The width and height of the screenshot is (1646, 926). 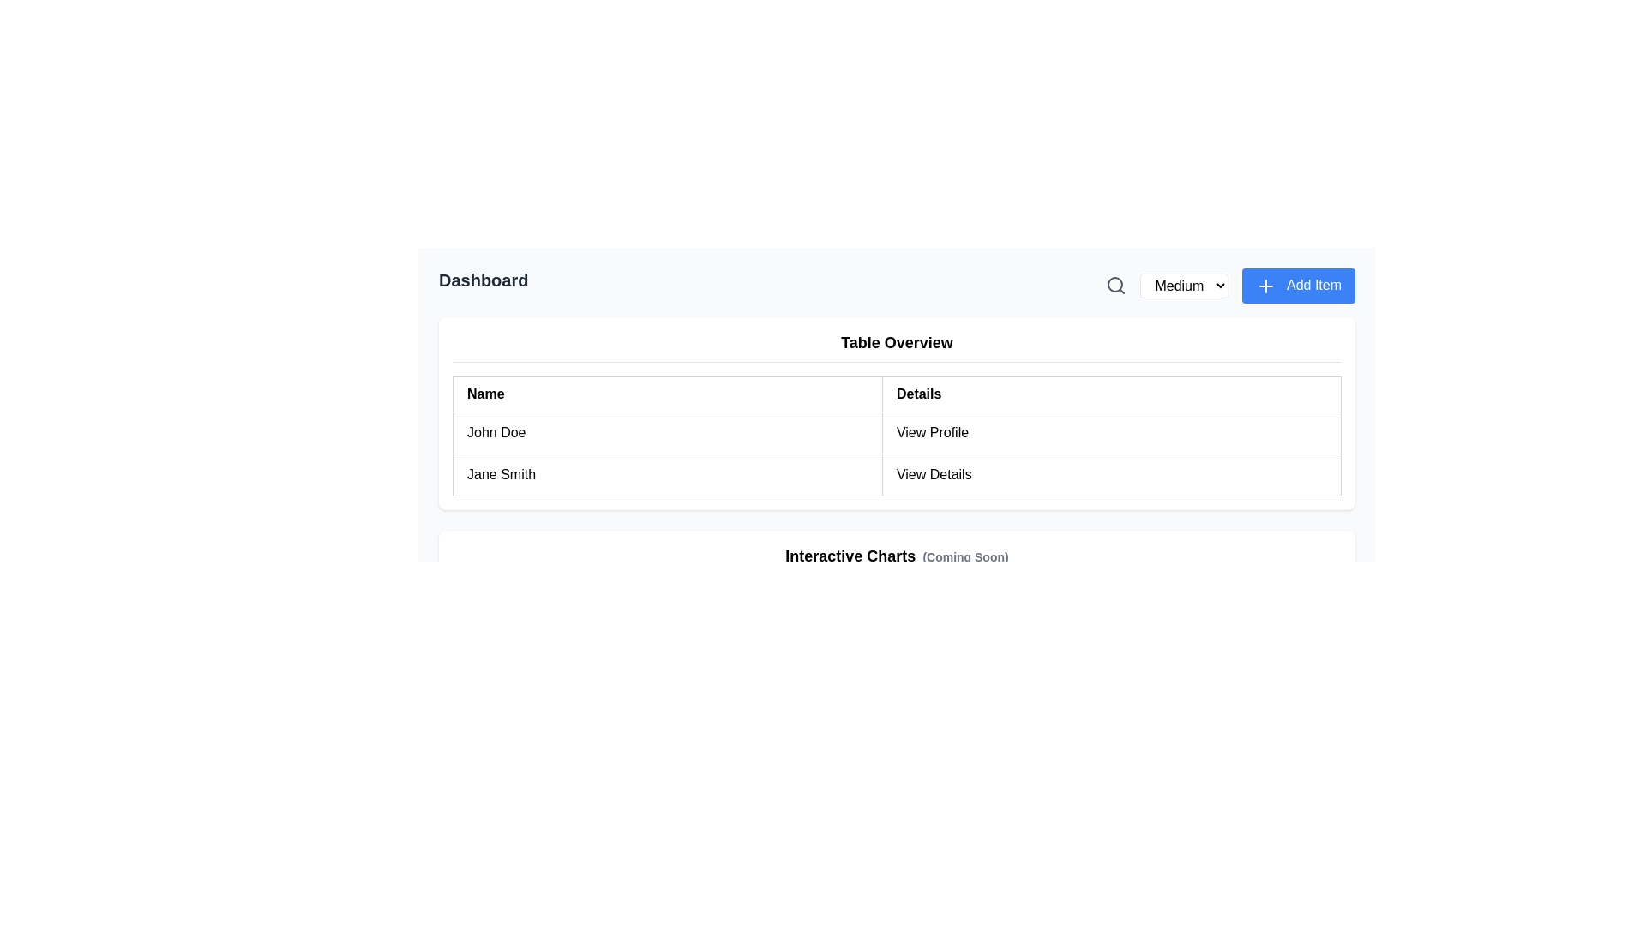 What do you see at coordinates (896, 394) in the screenshot?
I see `the table header that provides labels for the columns 'Name' and 'Details'` at bounding box center [896, 394].